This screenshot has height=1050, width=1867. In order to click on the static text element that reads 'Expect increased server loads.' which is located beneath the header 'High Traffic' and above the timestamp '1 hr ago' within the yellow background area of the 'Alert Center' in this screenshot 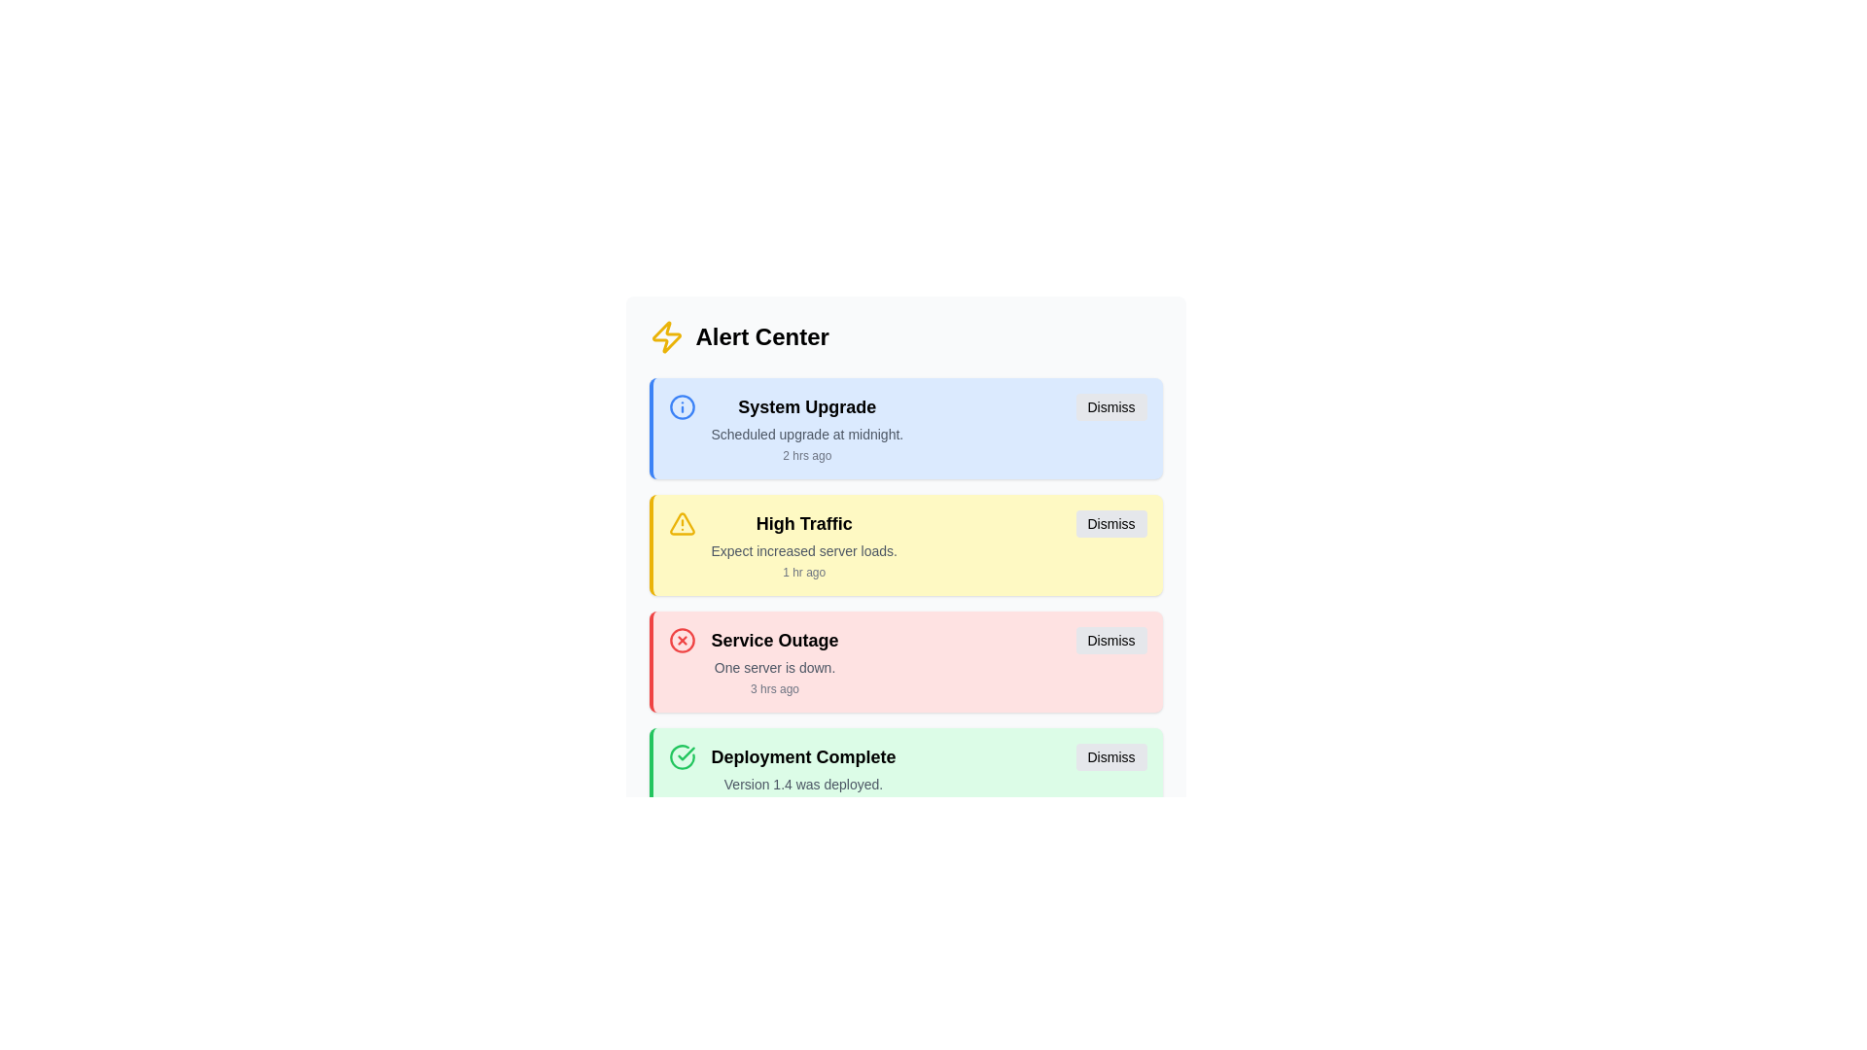, I will do `click(804, 551)`.